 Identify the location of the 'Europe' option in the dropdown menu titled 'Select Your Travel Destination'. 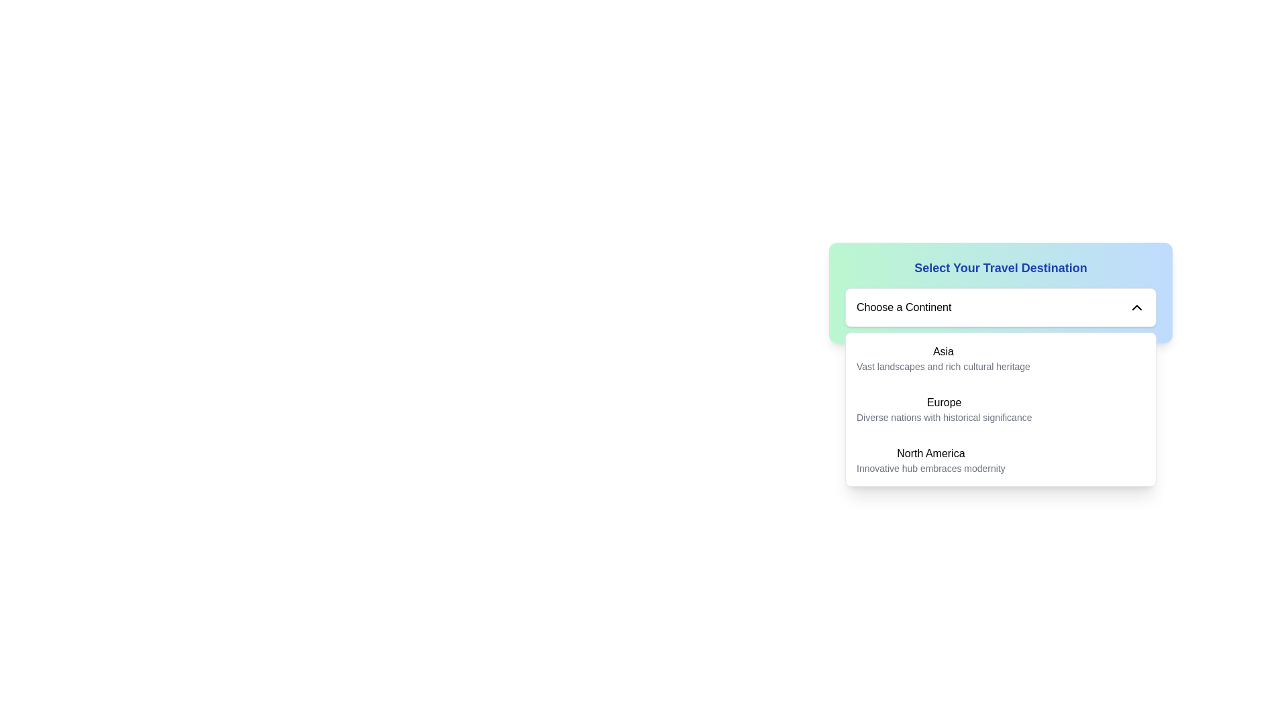
(943, 402).